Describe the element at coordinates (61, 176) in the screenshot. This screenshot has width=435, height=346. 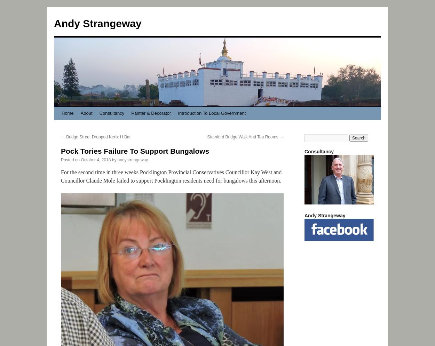
I see `'For the second time in three weeks Pocklington Provincial Conservatives Councillor Kay West and Councillor Claude Mole failed to support Pocklington residents need for bungalows this afternoon.'` at that location.